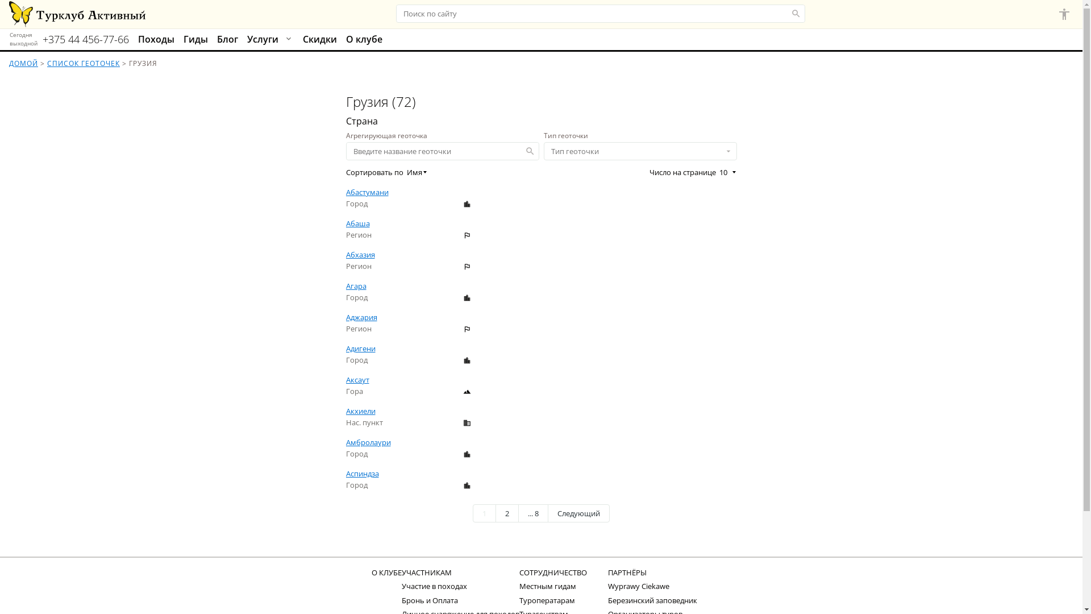  Describe the element at coordinates (43, 39) in the screenshot. I see `'+375 44 456-77-66'` at that location.